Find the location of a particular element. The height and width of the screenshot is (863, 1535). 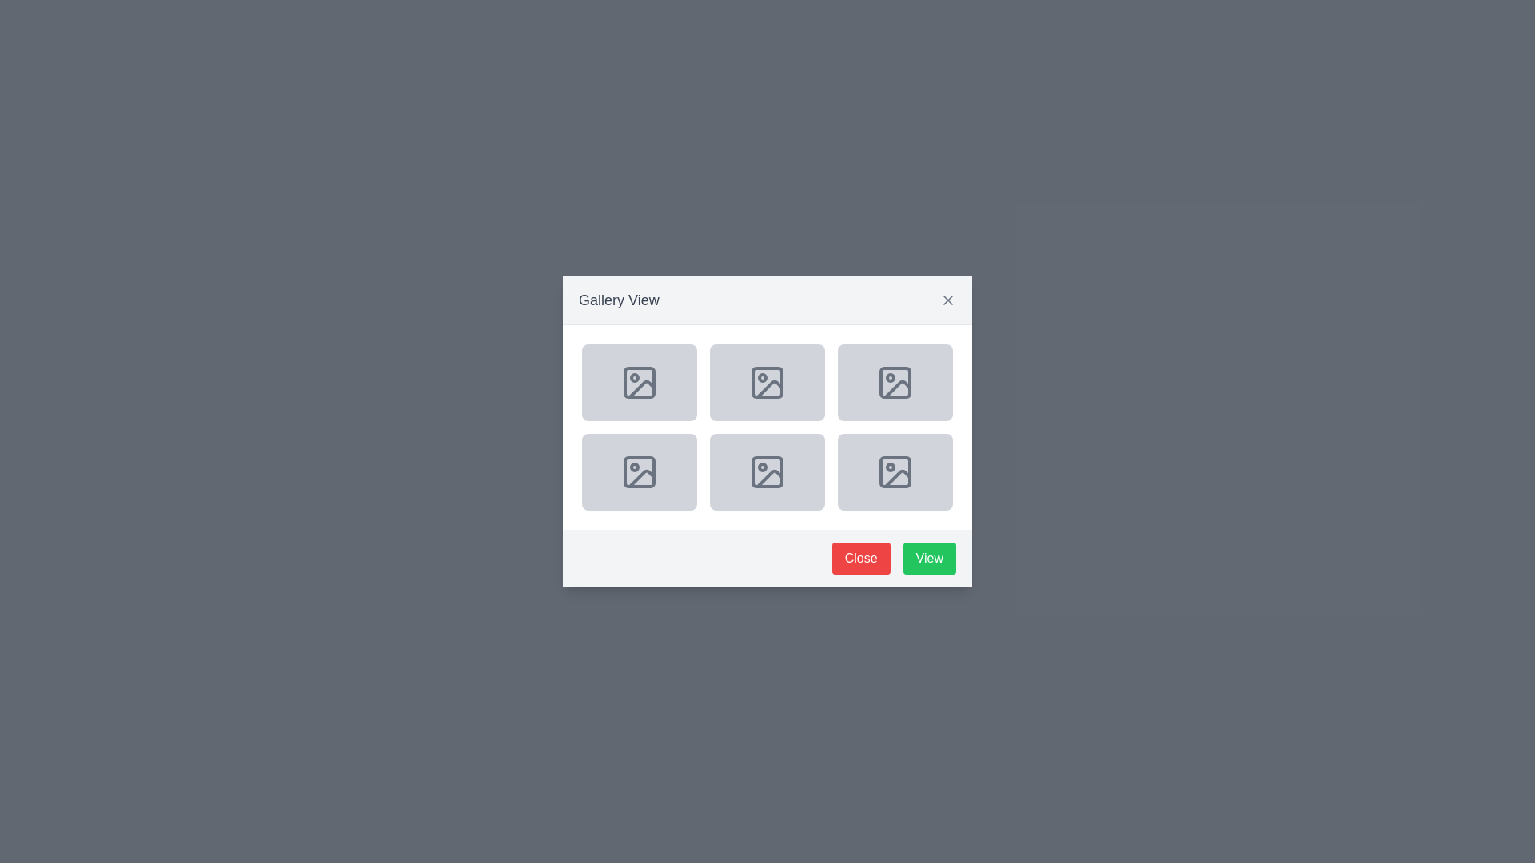

the rectangular SVG element located in the top-right cell of the 2x3 gallery layout, which represents an image thumbnail is located at coordinates (894, 382).